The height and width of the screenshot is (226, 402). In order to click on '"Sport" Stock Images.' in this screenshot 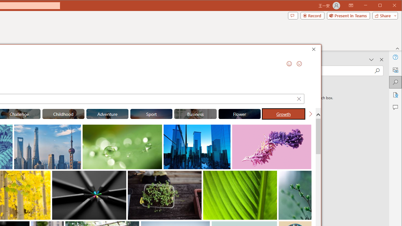, I will do `click(151, 114)`.